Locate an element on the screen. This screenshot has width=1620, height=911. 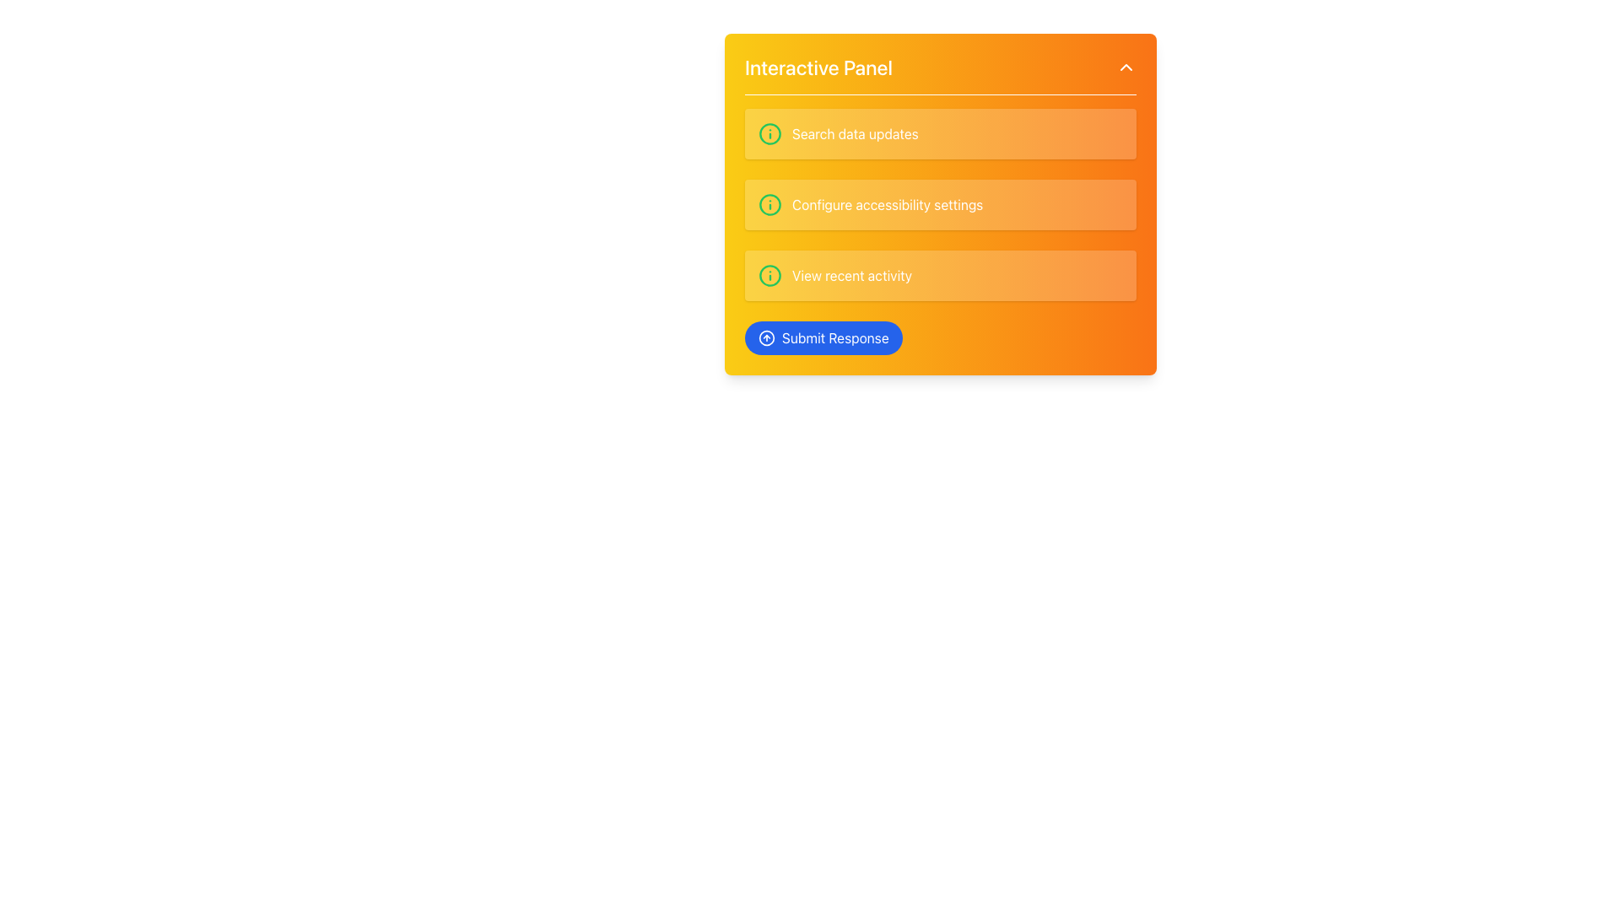
the SVG Circle icon representing the option 'View recent activity' in the 'Interactive Panel' is located at coordinates (769, 275).